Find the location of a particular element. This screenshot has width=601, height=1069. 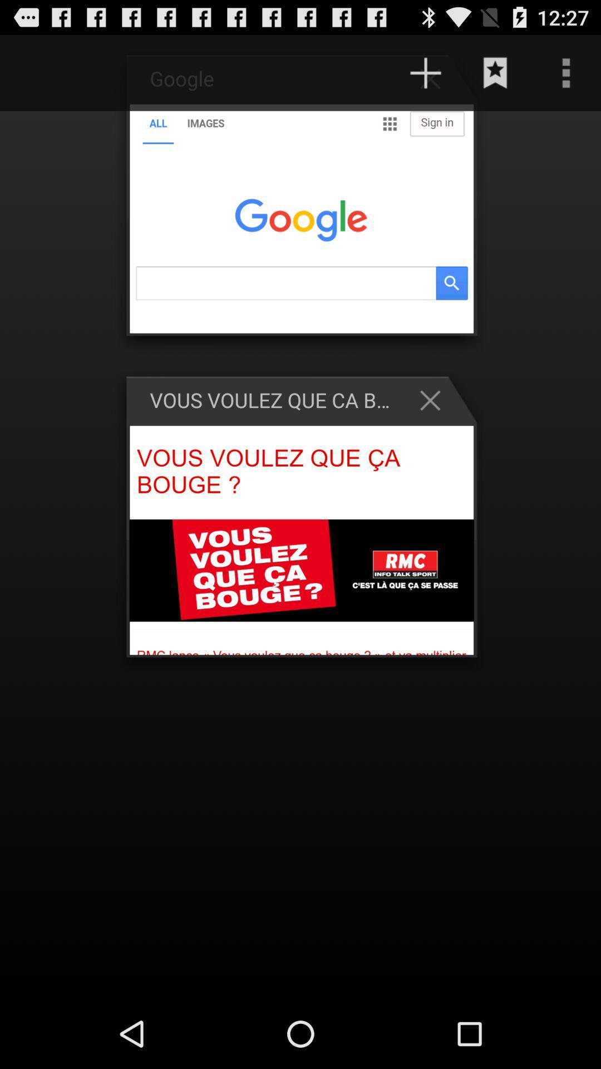

the more icon is located at coordinates (566, 77).